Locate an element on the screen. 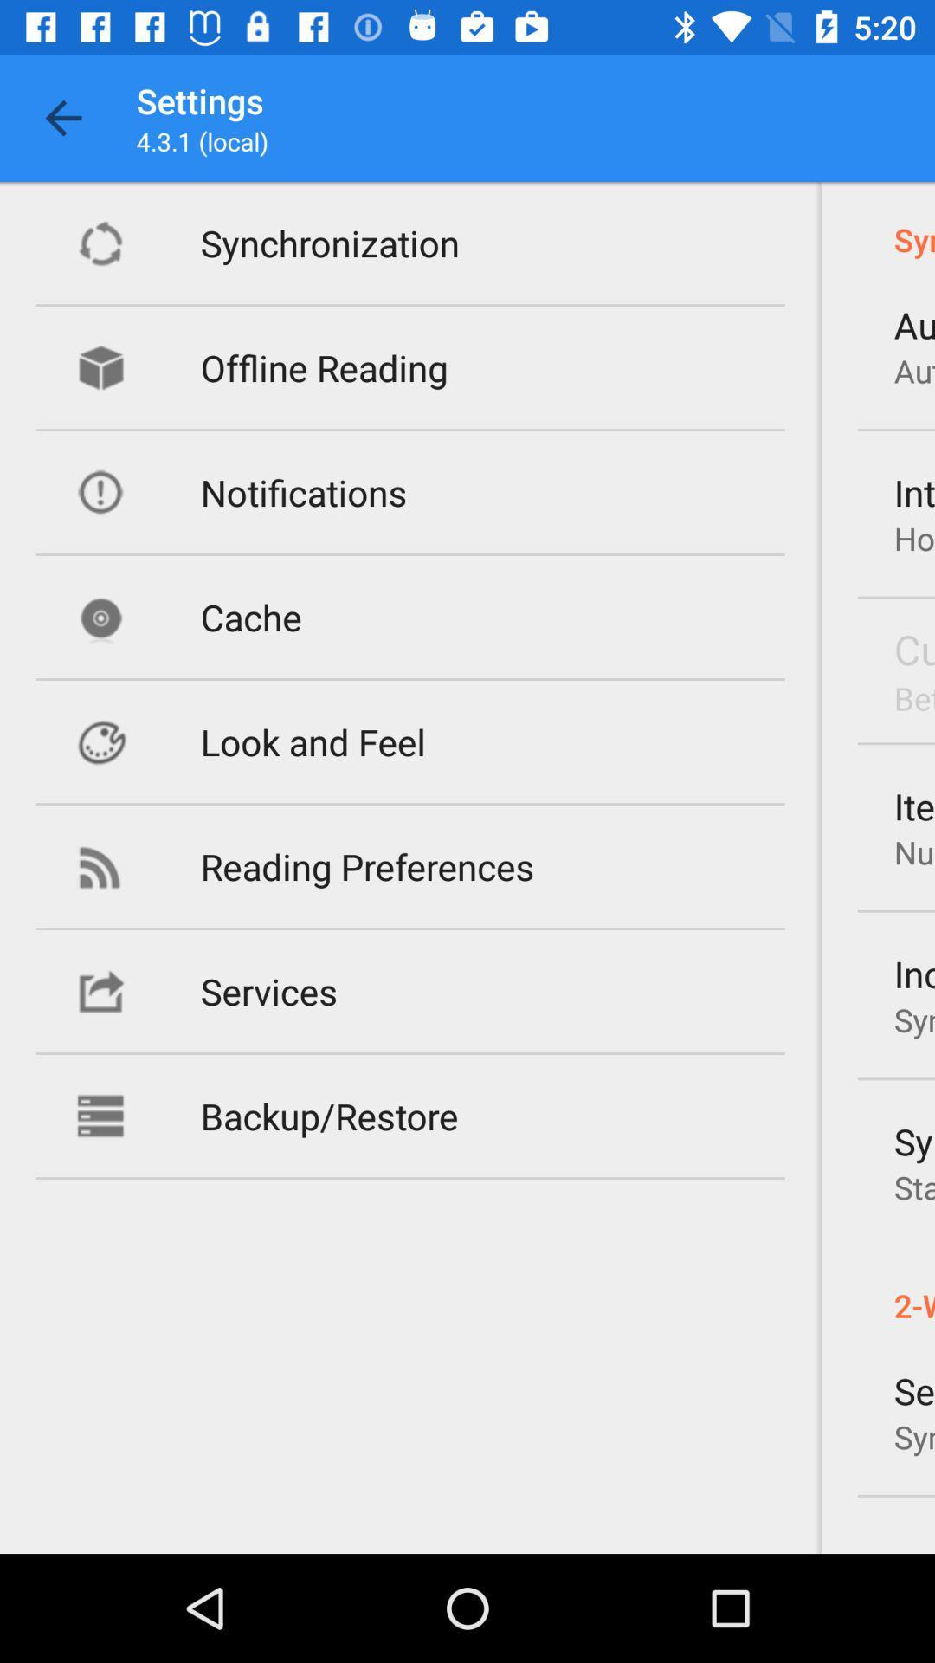  the backup/restore item is located at coordinates (329, 1116).